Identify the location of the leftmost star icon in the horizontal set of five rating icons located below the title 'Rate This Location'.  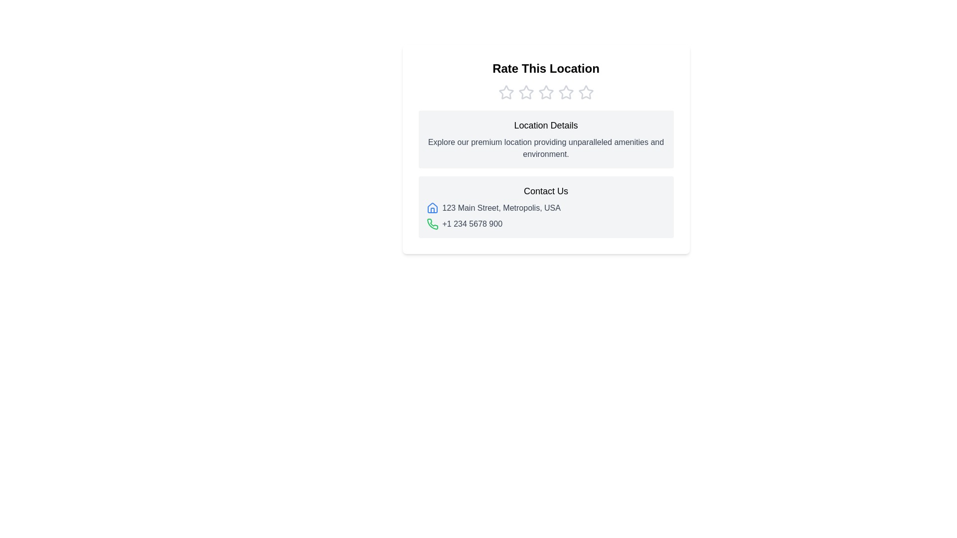
(506, 92).